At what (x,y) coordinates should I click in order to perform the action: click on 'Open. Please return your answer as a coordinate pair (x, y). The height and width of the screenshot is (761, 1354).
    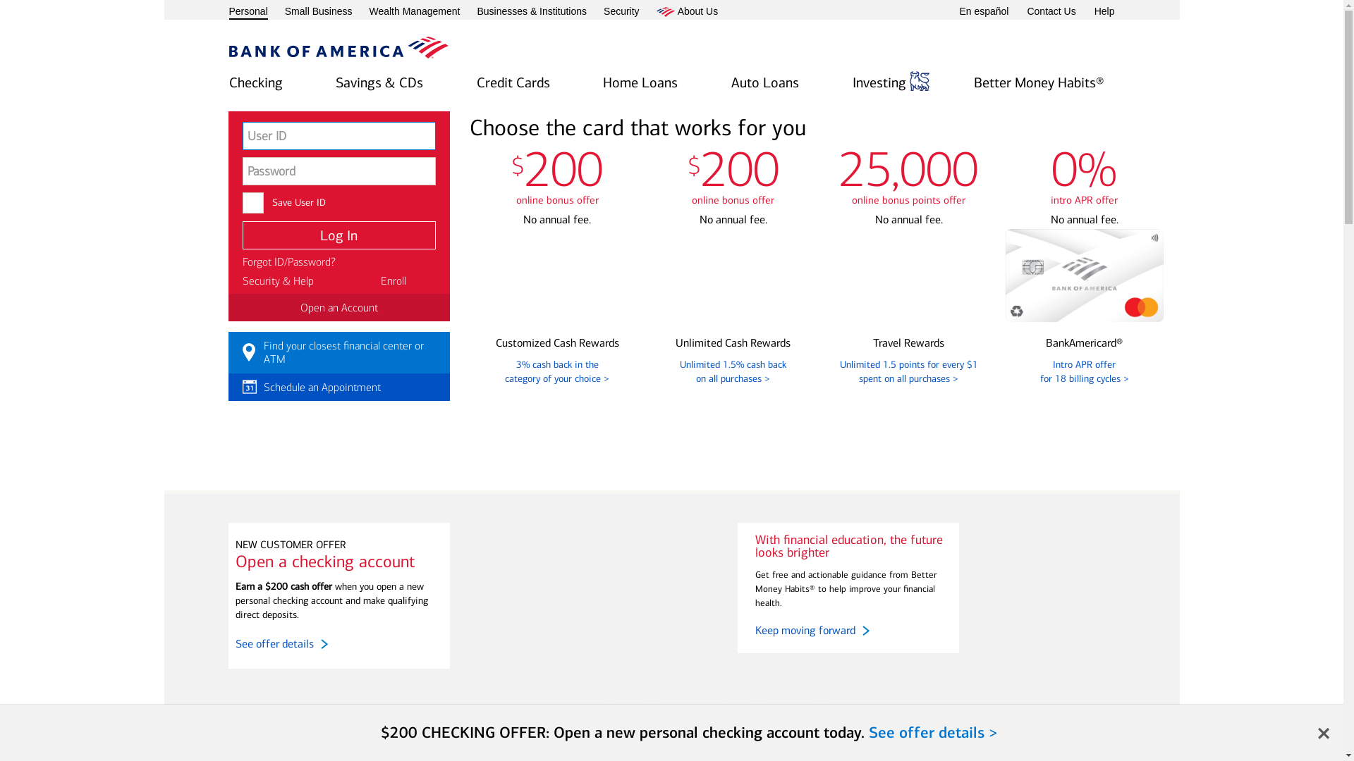
    Looking at the image, I should click on (513, 84).